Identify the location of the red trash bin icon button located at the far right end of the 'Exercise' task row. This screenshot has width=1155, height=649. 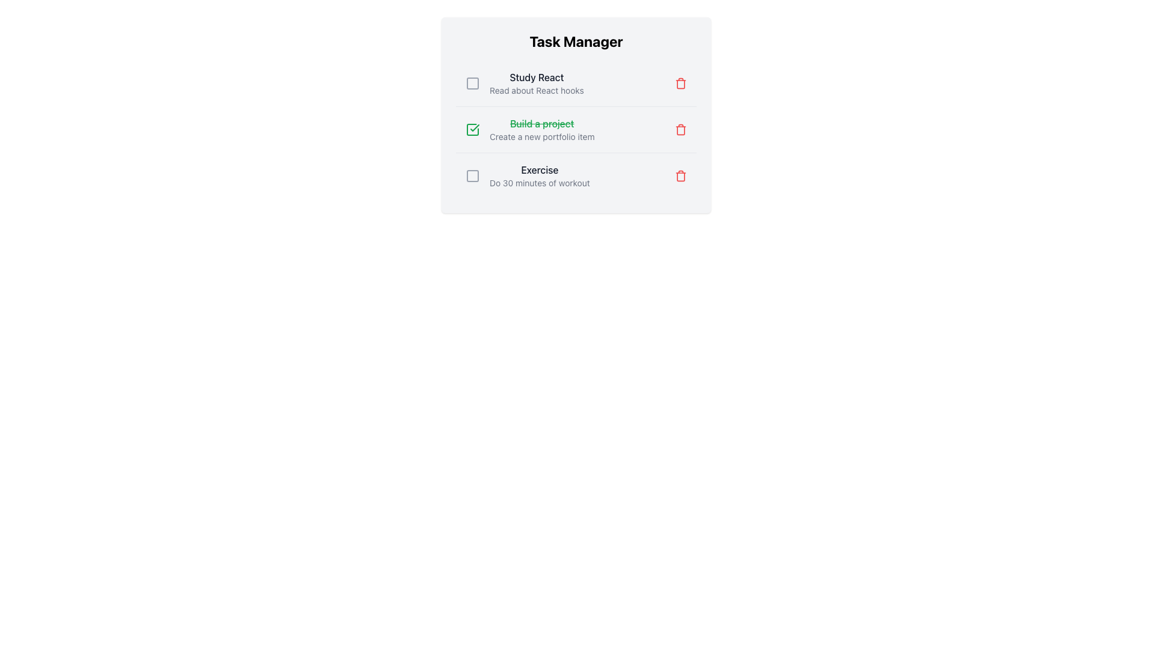
(681, 176).